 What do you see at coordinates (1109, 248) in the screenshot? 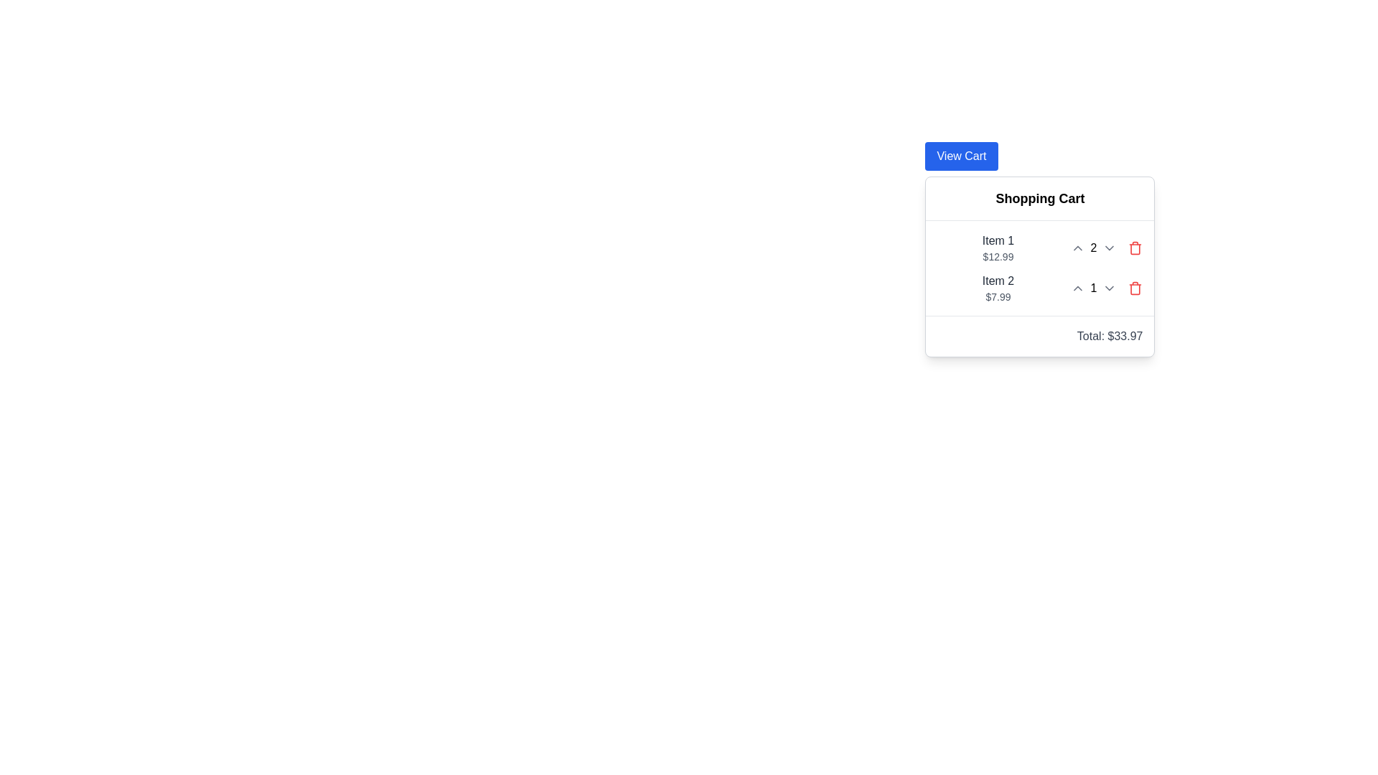
I see `the small downward-facing arrow button styled in gray, located to the right of the number '2' in the shopping cart's quantity selector` at bounding box center [1109, 248].